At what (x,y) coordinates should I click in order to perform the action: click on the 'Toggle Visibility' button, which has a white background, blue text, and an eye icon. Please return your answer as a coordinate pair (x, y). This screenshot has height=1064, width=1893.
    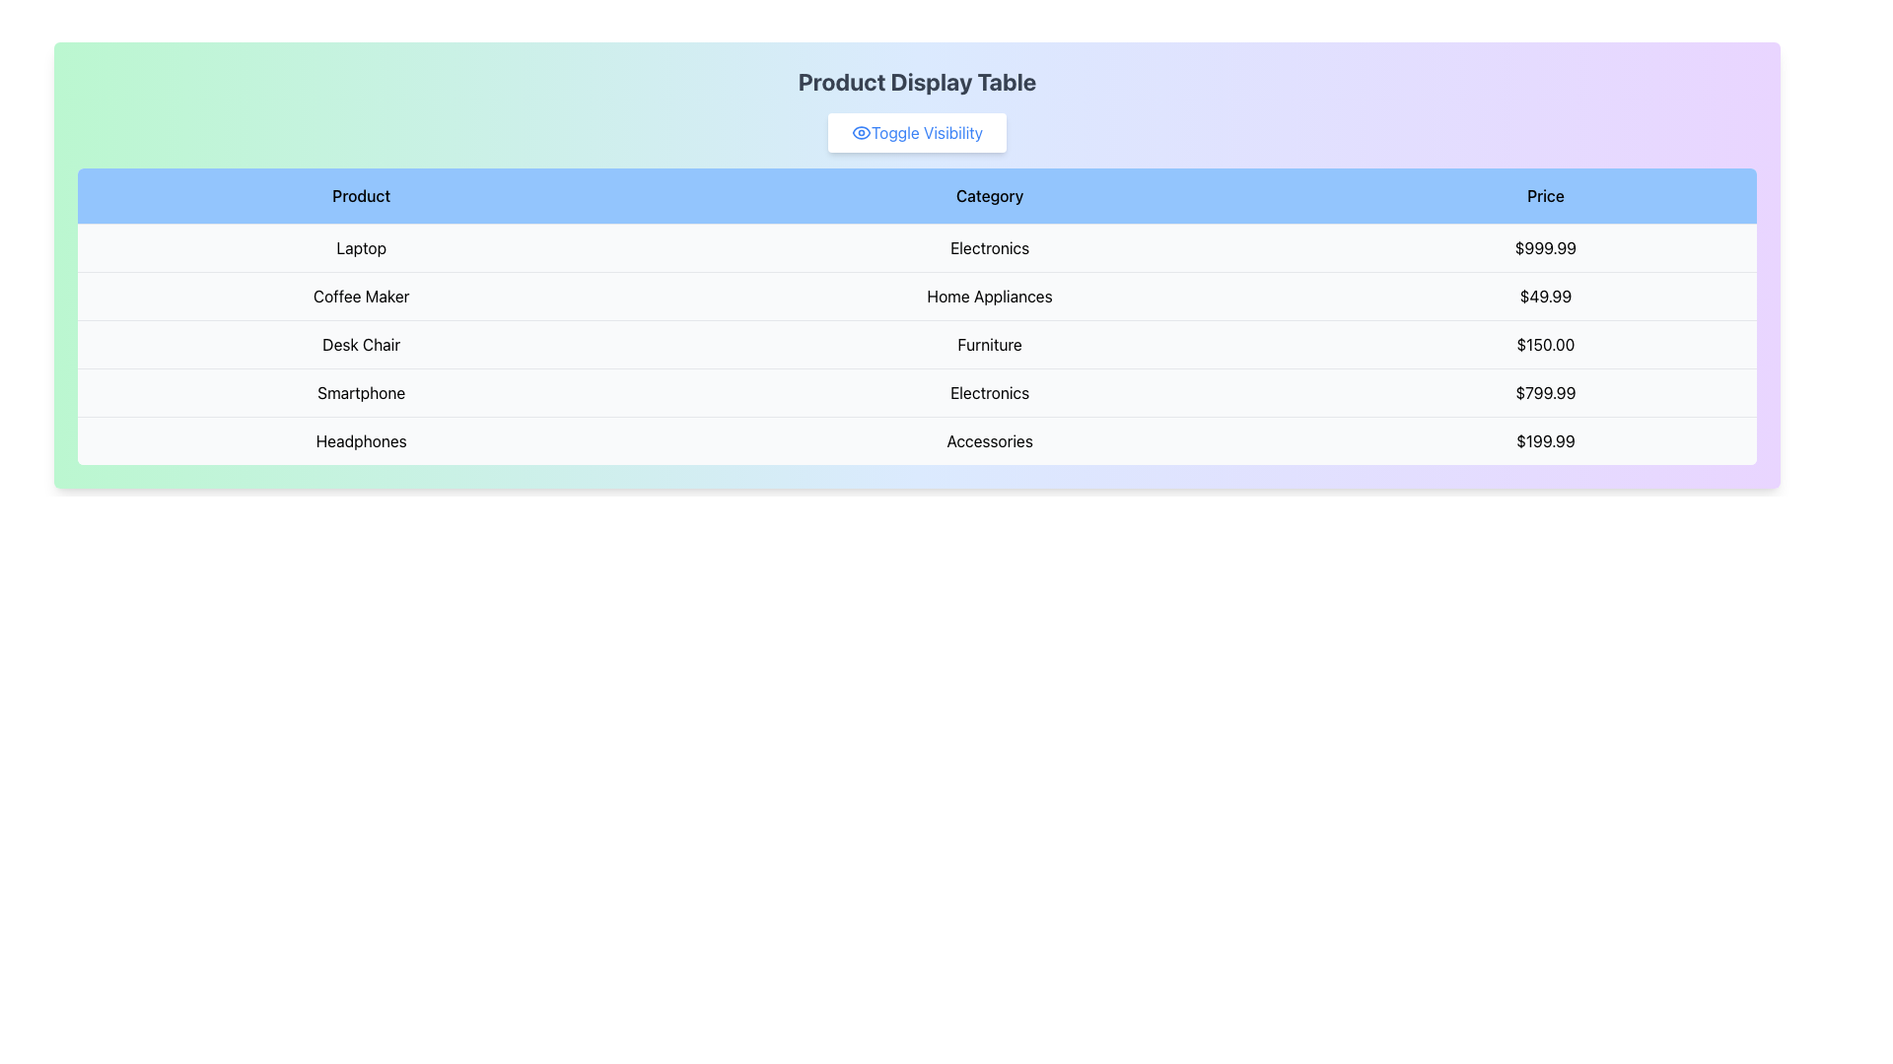
    Looking at the image, I should click on (916, 133).